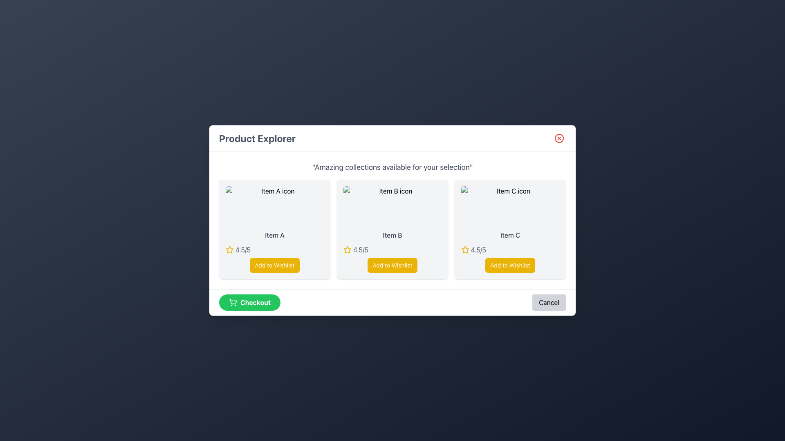 The image size is (785, 441). What do you see at coordinates (510, 205) in the screenshot?
I see `the image thumbnail labeled 'Item C' located` at bounding box center [510, 205].